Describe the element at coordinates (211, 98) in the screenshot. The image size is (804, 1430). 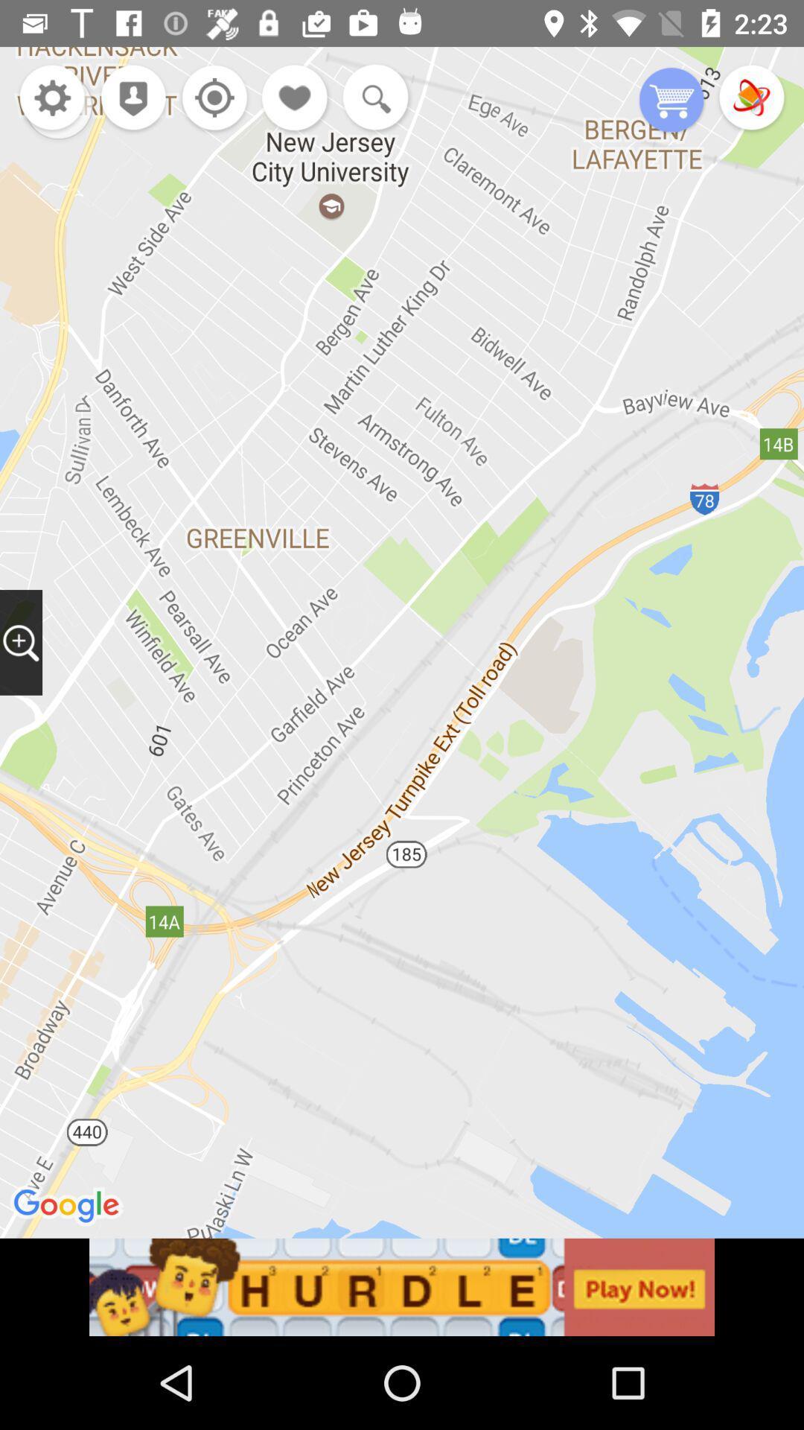
I see `location` at that location.